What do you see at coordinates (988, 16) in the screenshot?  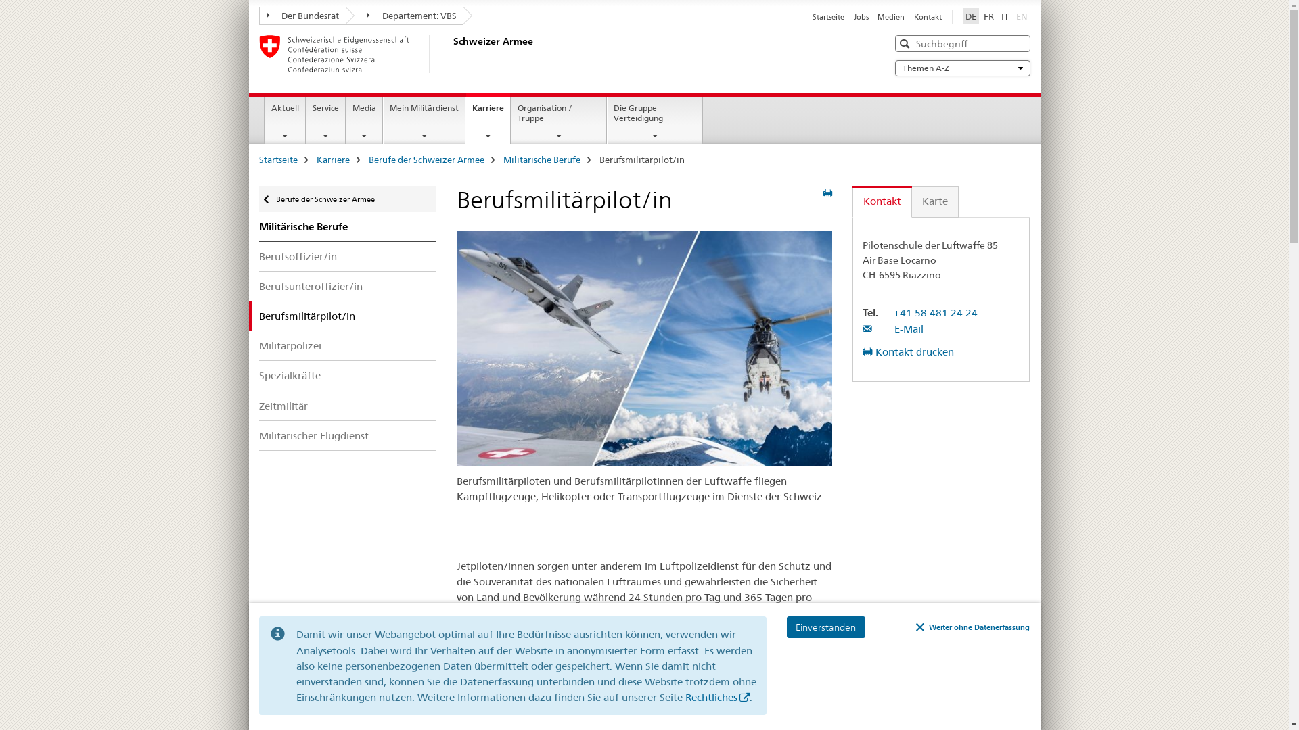 I see `'FR'` at bounding box center [988, 16].